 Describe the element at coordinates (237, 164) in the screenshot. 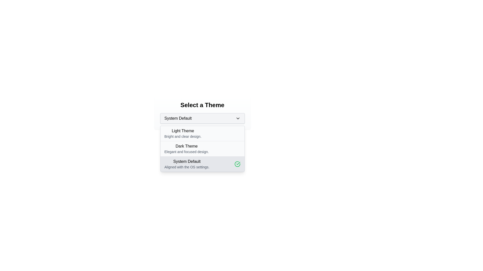

I see `the state of the circular icon depicting a check mark with a green stroke, located at the rightmost end of the 'System Default' item in the 'Select a Theme' section` at that location.